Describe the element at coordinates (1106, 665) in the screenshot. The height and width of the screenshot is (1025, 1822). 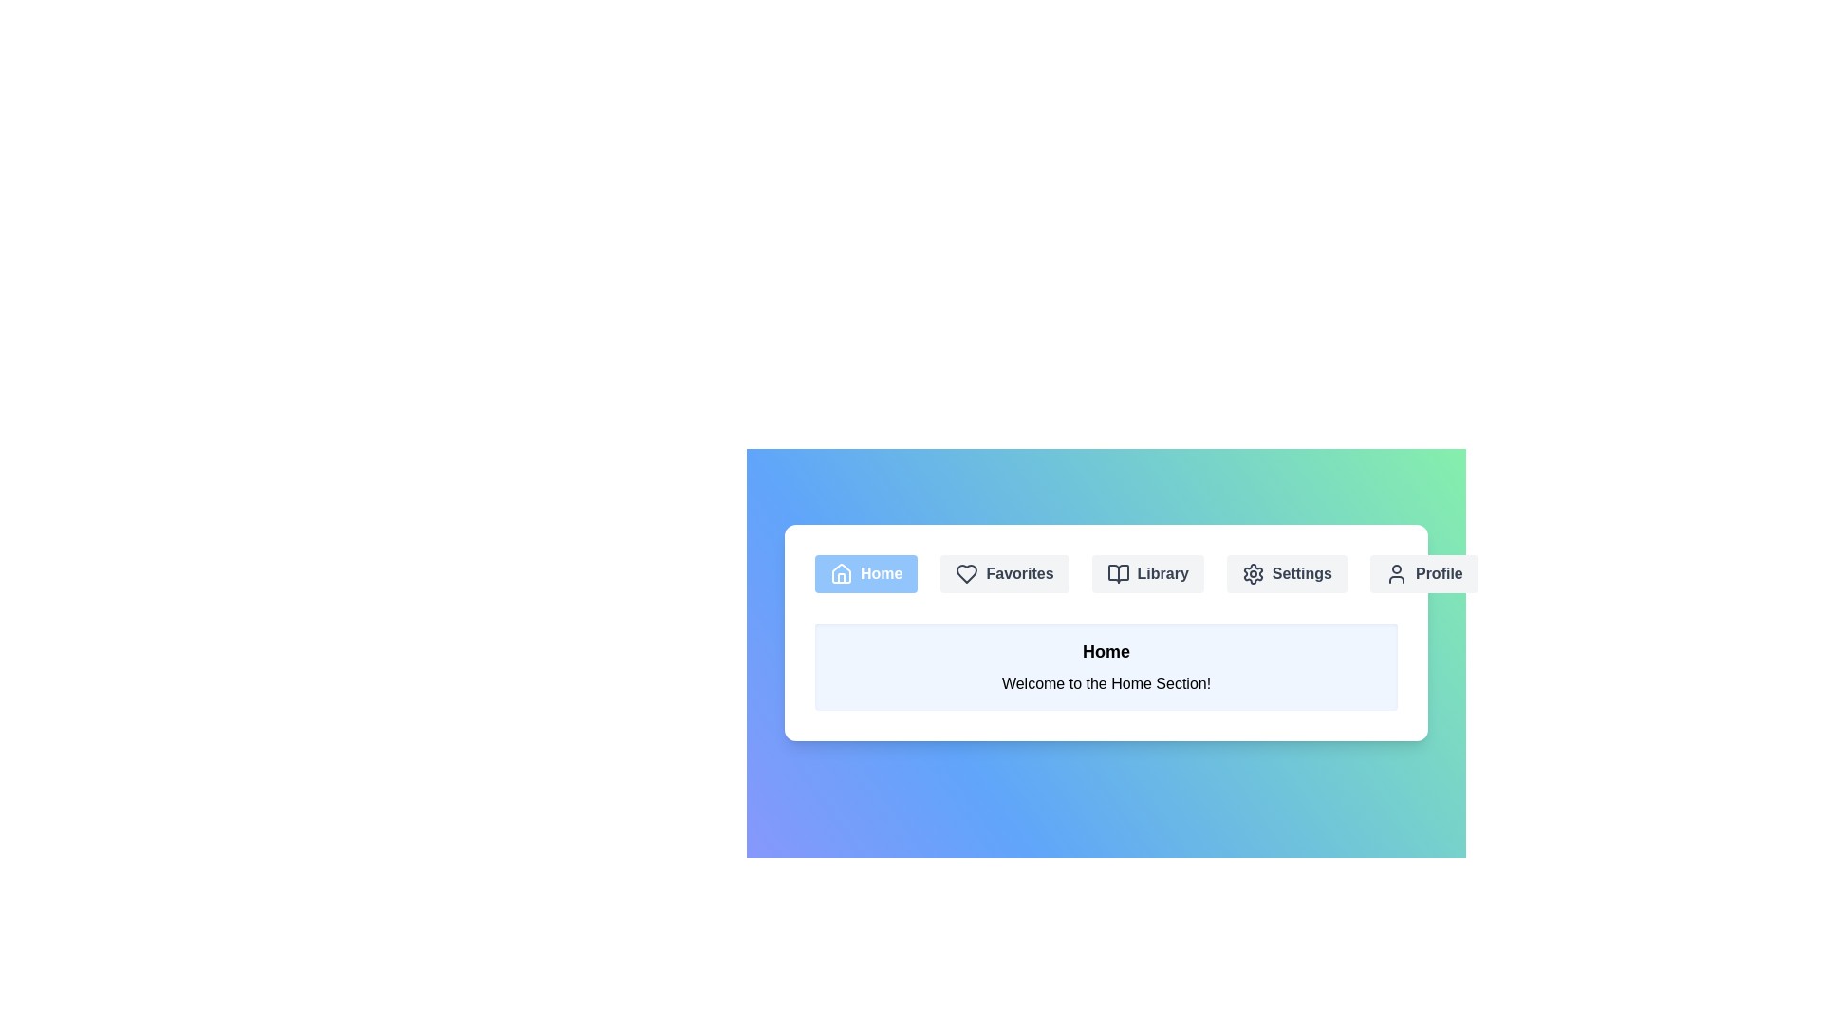
I see `text from the Information Panel with a light blue background, containing the title 'Home' and subtitle 'Welcome to the Home Section!'` at that location.